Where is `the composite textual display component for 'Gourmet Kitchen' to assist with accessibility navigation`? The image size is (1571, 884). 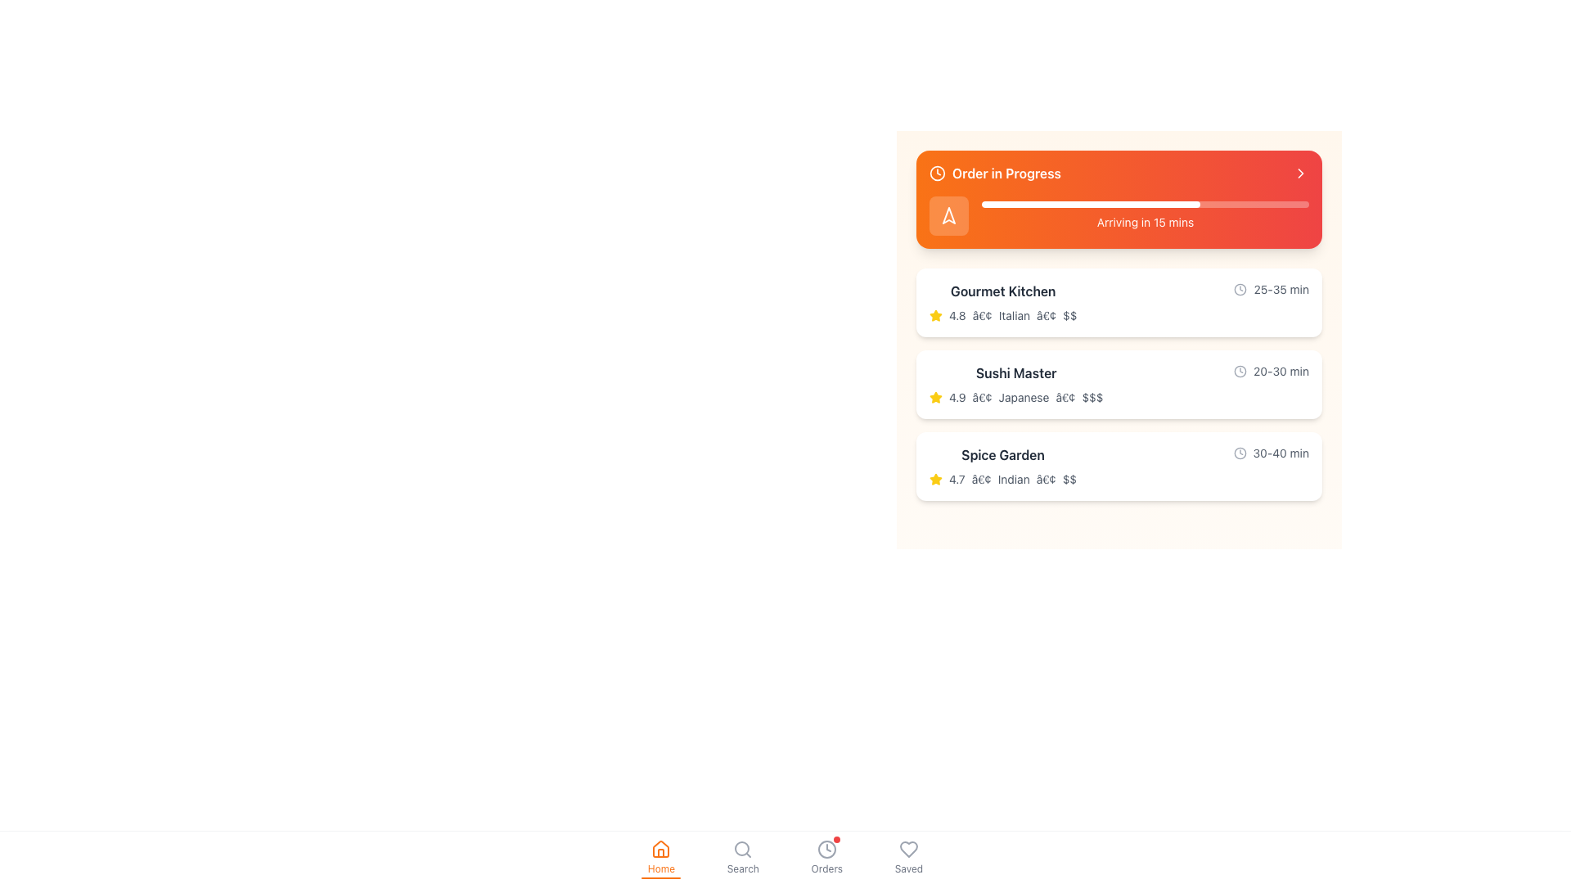 the composite textual display component for 'Gourmet Kitchen' to assist with accessibility navigation is located at coordinates (1119, 303).